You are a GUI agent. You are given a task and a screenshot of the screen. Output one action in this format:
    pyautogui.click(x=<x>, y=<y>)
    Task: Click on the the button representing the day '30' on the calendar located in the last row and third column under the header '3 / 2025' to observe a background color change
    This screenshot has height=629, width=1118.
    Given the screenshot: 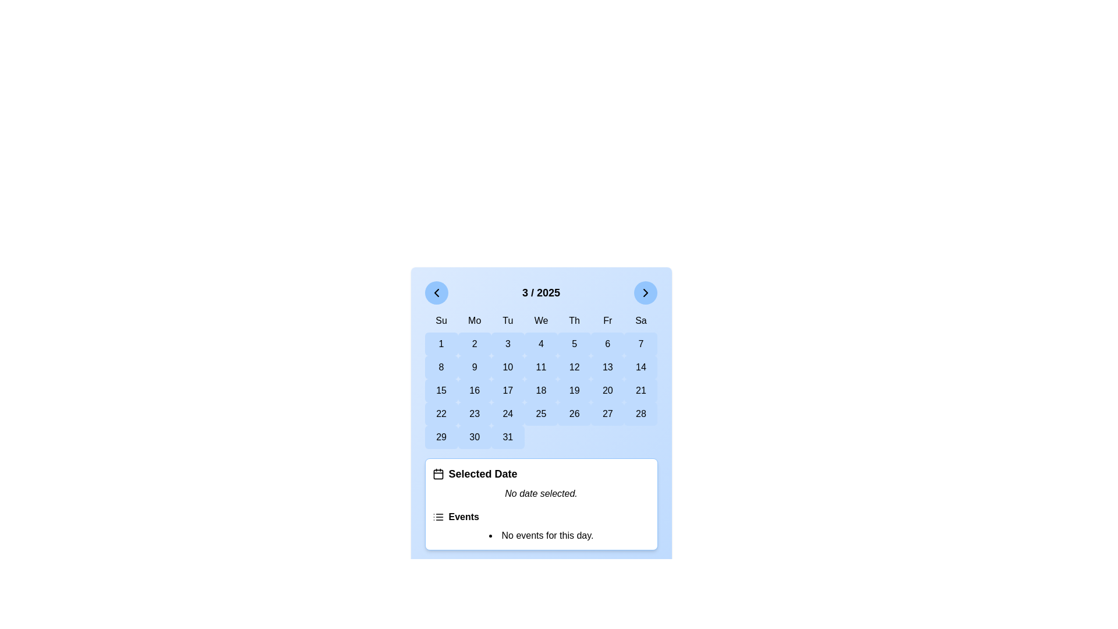 What is the action you would take?
    pyautogui.click(x=475, y=437)
    